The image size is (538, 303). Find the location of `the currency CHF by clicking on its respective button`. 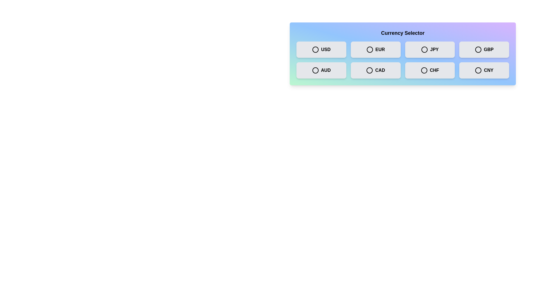

the currency CHF by clicking on its respective button is located at coordinates (430, 70).